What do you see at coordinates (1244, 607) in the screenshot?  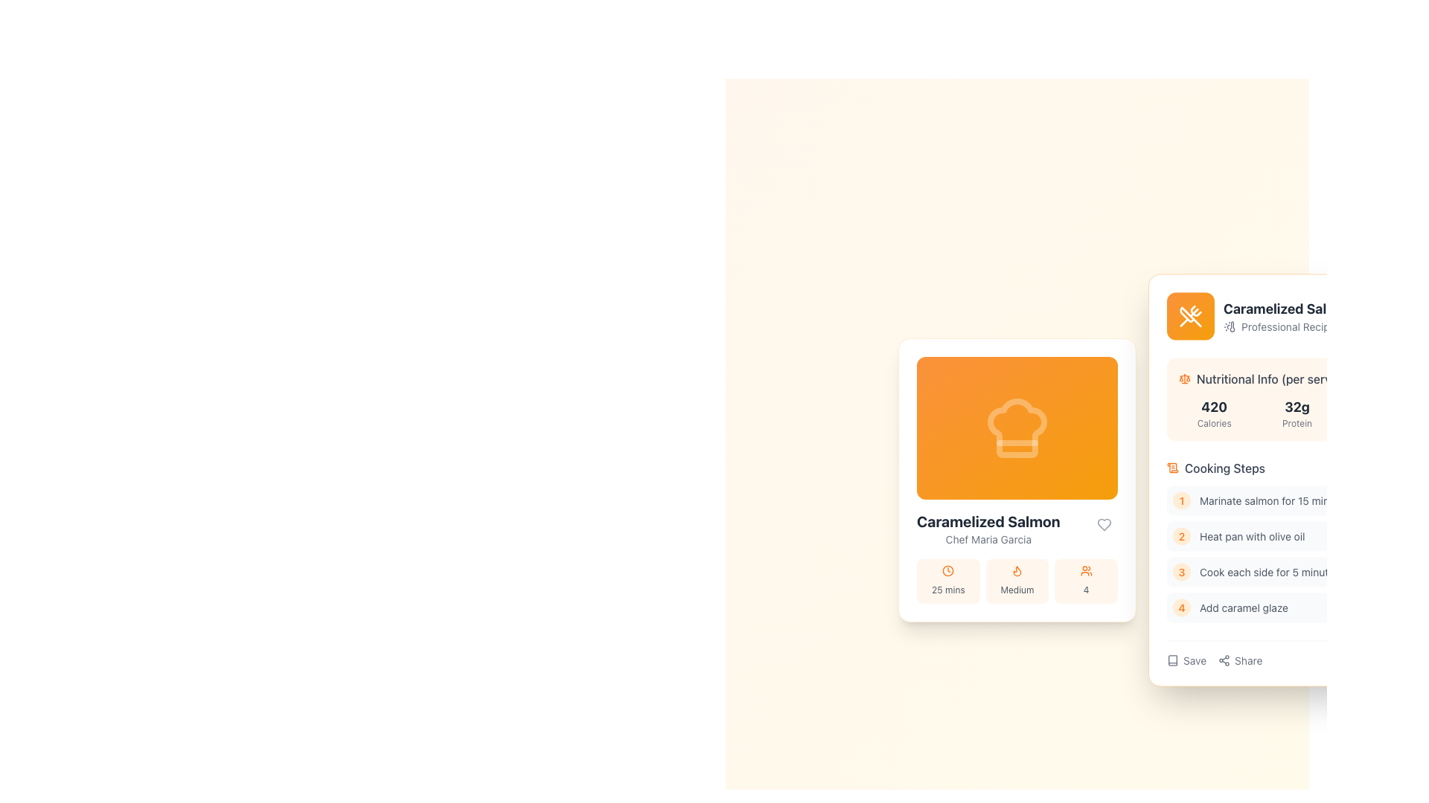 I see `text displayed as 'Add caramel glaze', which is a small-sized gray font text aligned to the left, located towards the right side of the interface and nested within a cooking step block` at bounding box center [1244, 607].